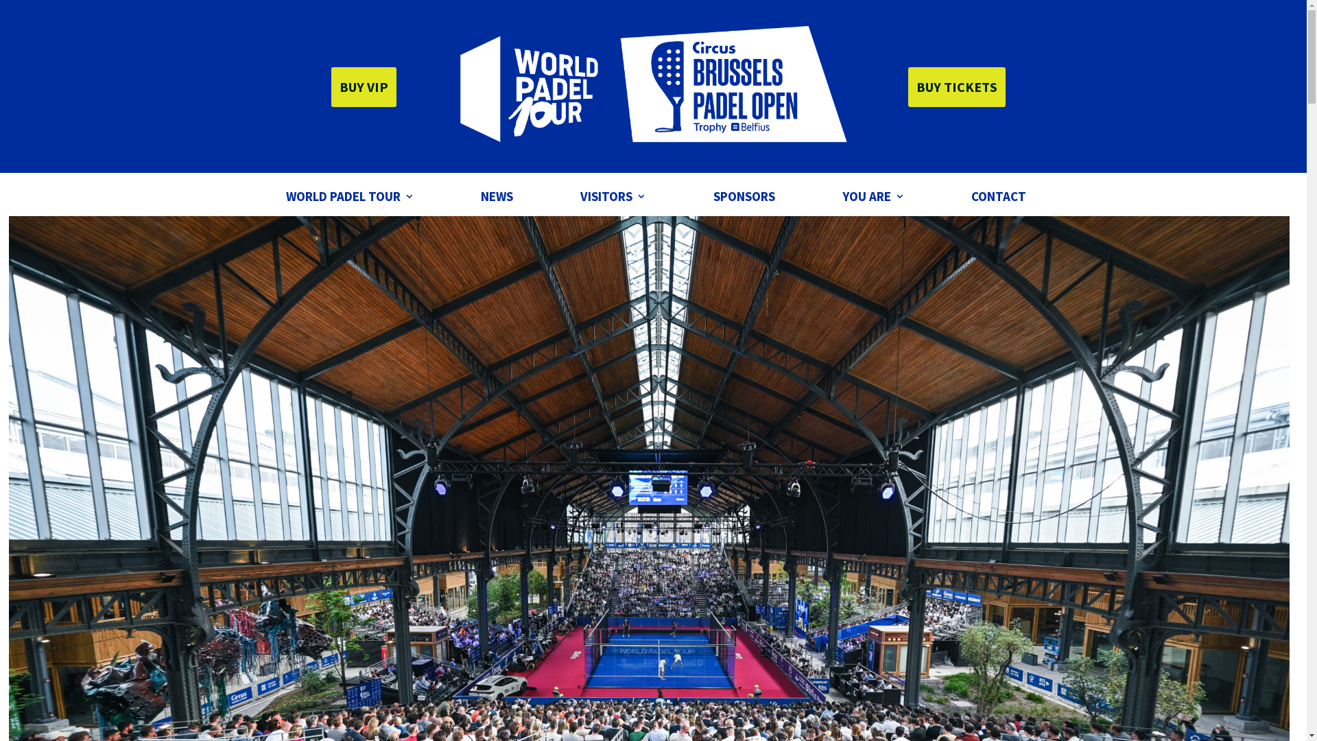 The image size is (1317, 741). I want to click on 'WORLD PADEL TOUR', so click(349, 198).